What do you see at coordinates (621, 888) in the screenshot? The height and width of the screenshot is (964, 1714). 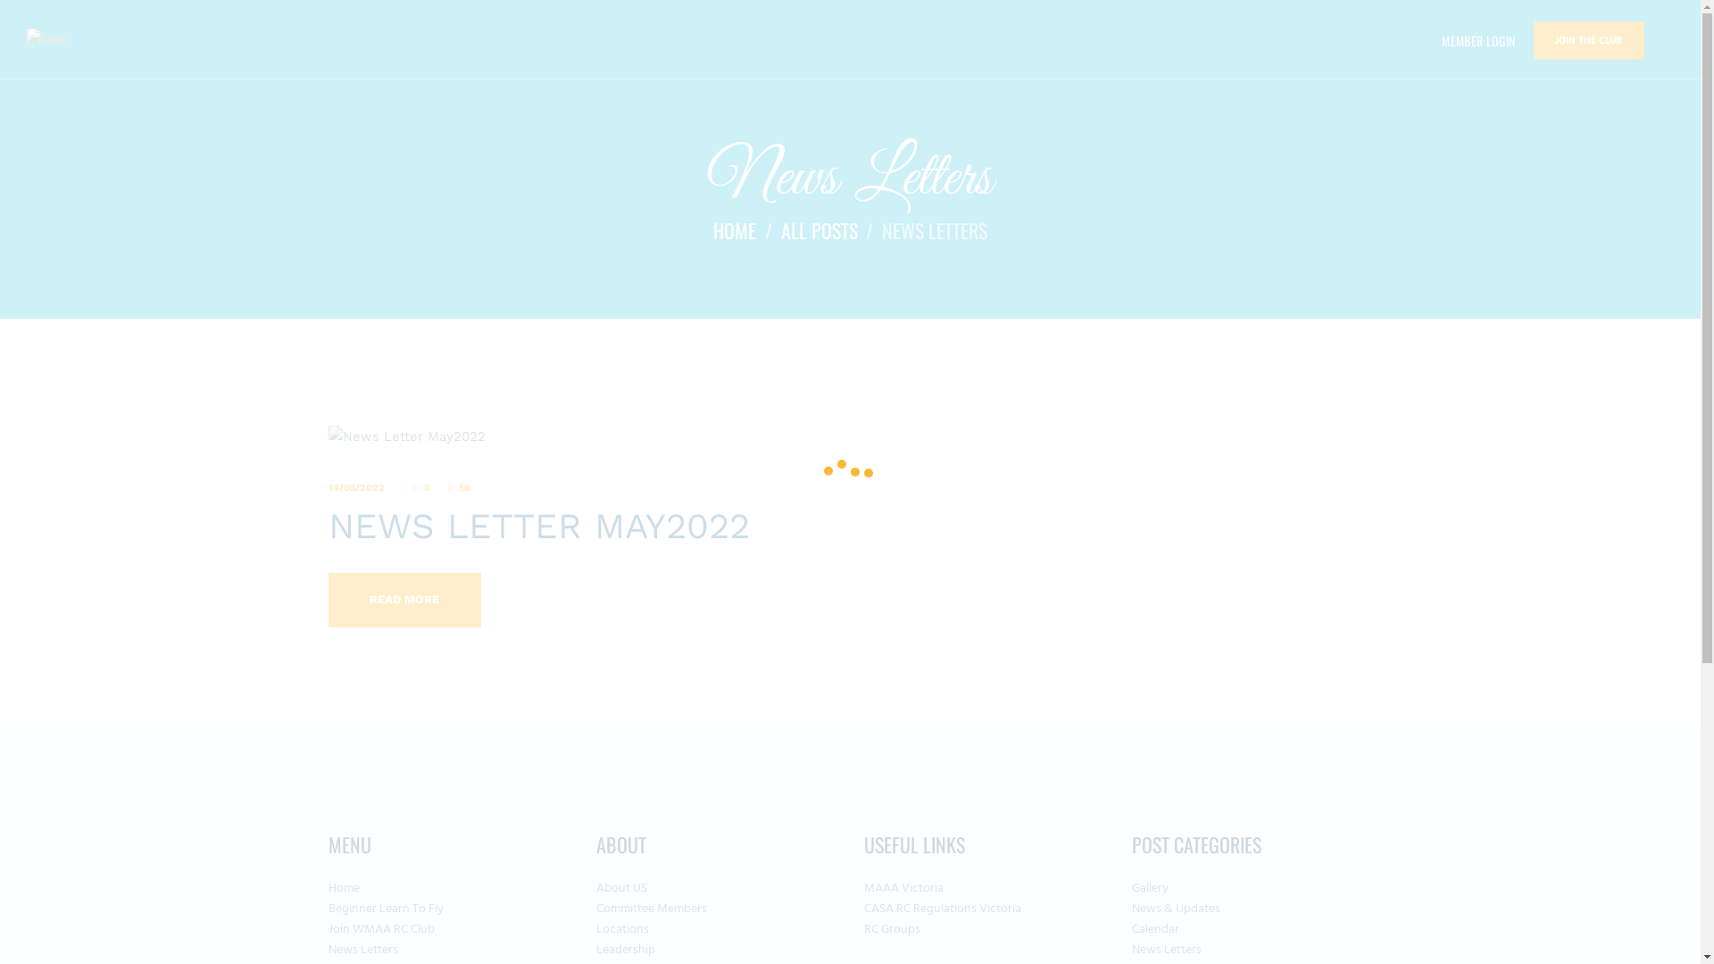 I see `'About US'` at bounding box center [621, 888].